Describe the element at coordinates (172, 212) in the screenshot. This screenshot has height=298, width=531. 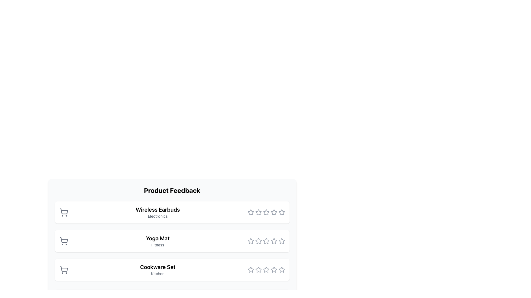
I see `the first card in the 'Product Feedback' section, which features the text 'Wireless Earbuds' in bold and has a cart icon on the left and five outlined stars on the right` at that location.